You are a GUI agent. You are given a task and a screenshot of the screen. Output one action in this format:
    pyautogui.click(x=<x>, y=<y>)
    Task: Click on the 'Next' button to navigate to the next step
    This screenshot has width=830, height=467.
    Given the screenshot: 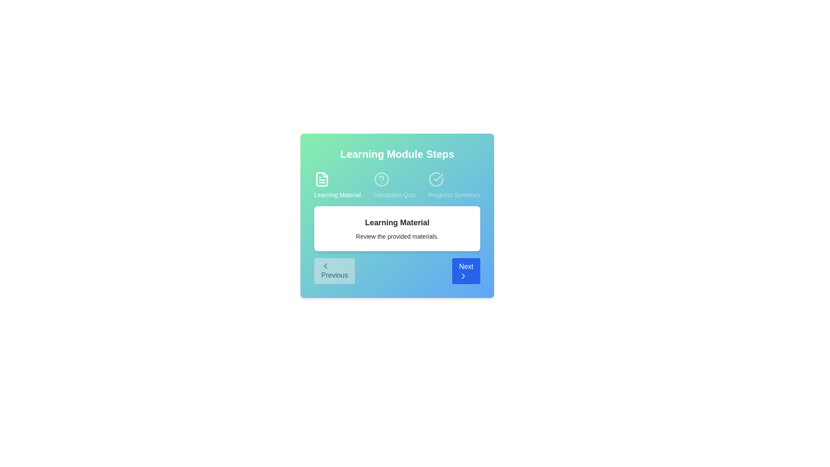 What is the action you would take?
    pyautogui.click(x=466, y=271)
    